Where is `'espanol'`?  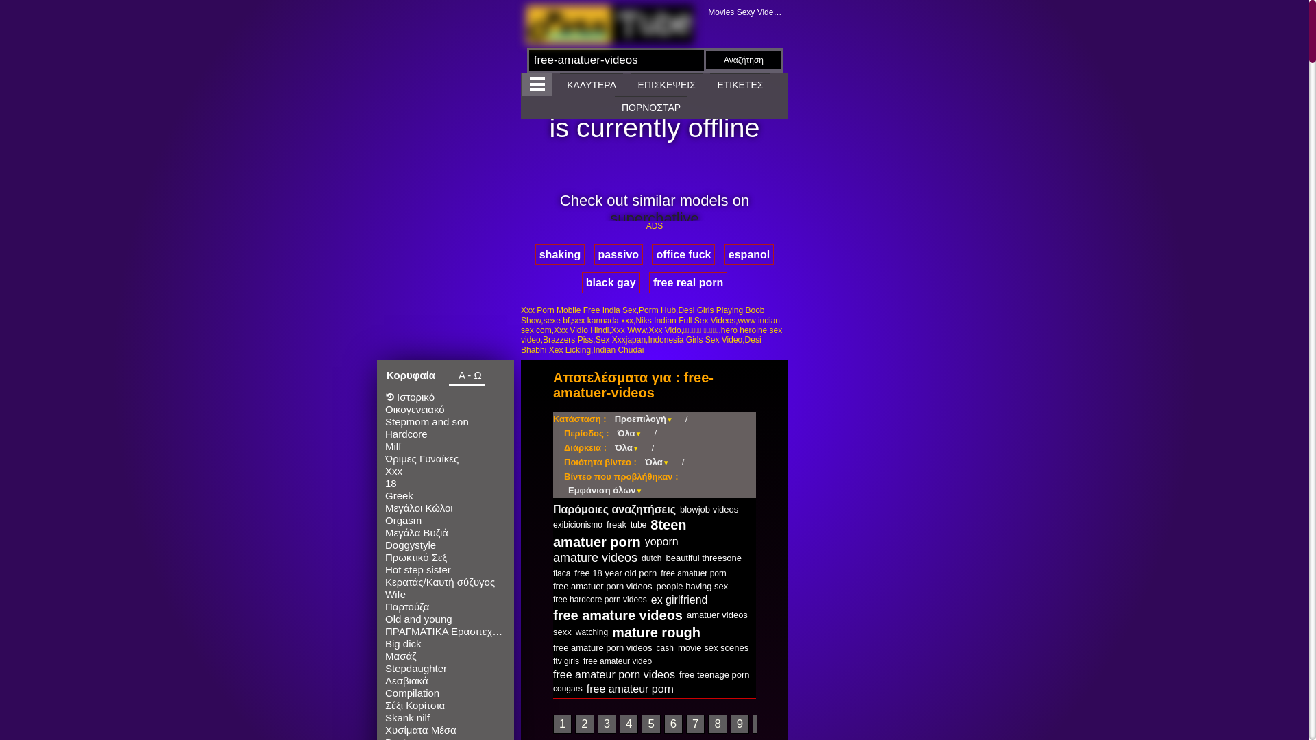 'espanol' is located at coordinates (748, 254).